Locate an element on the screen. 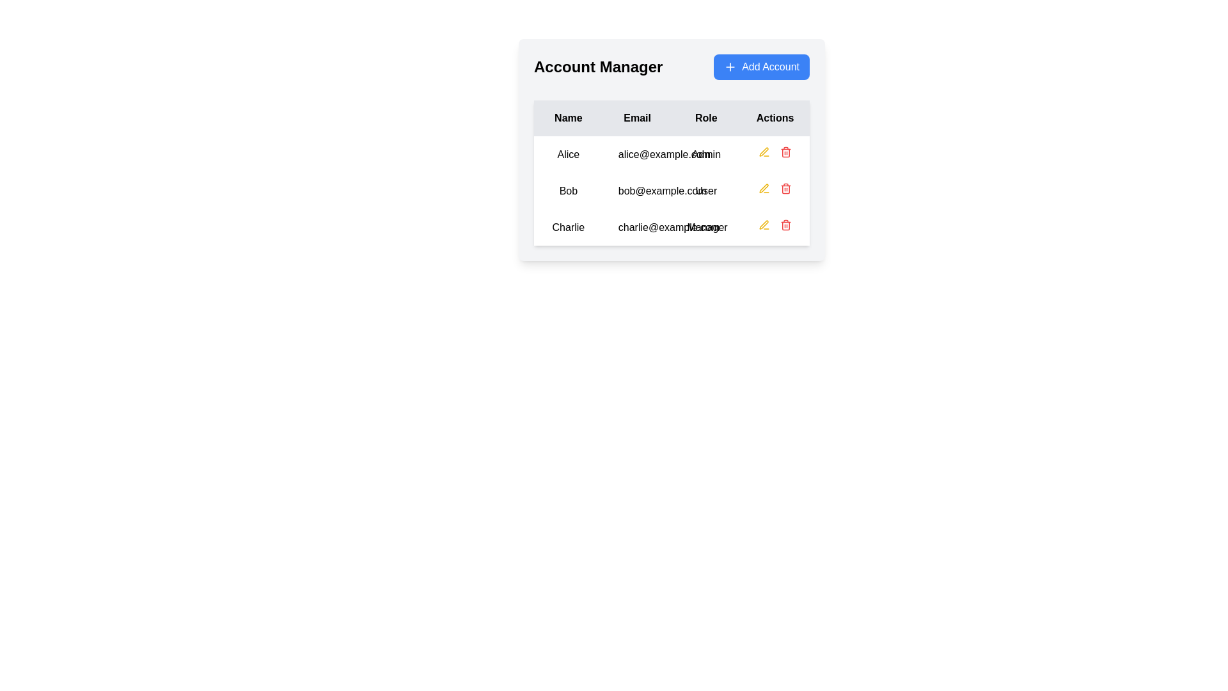 This screenshot has width=1228, height=691. the text label 'Bob' located in the second row of the 'Name' column in the 'Account Manager' table is located at coordinates (567, 191).